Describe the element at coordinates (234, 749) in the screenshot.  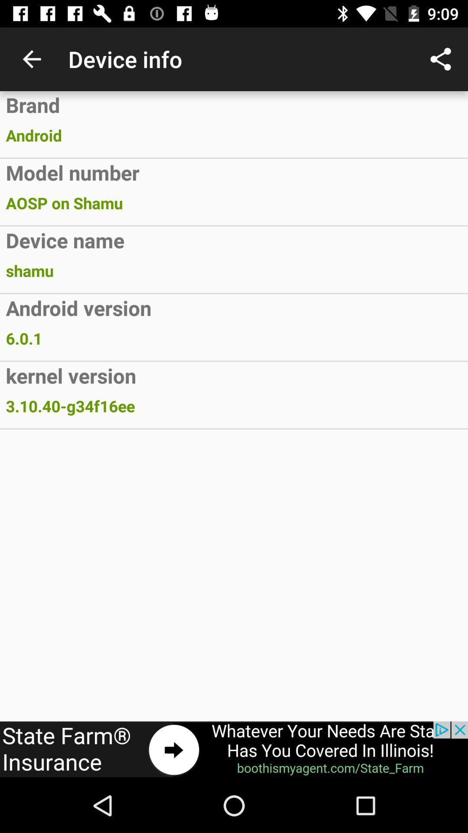
I see `open advertisement` at that location.